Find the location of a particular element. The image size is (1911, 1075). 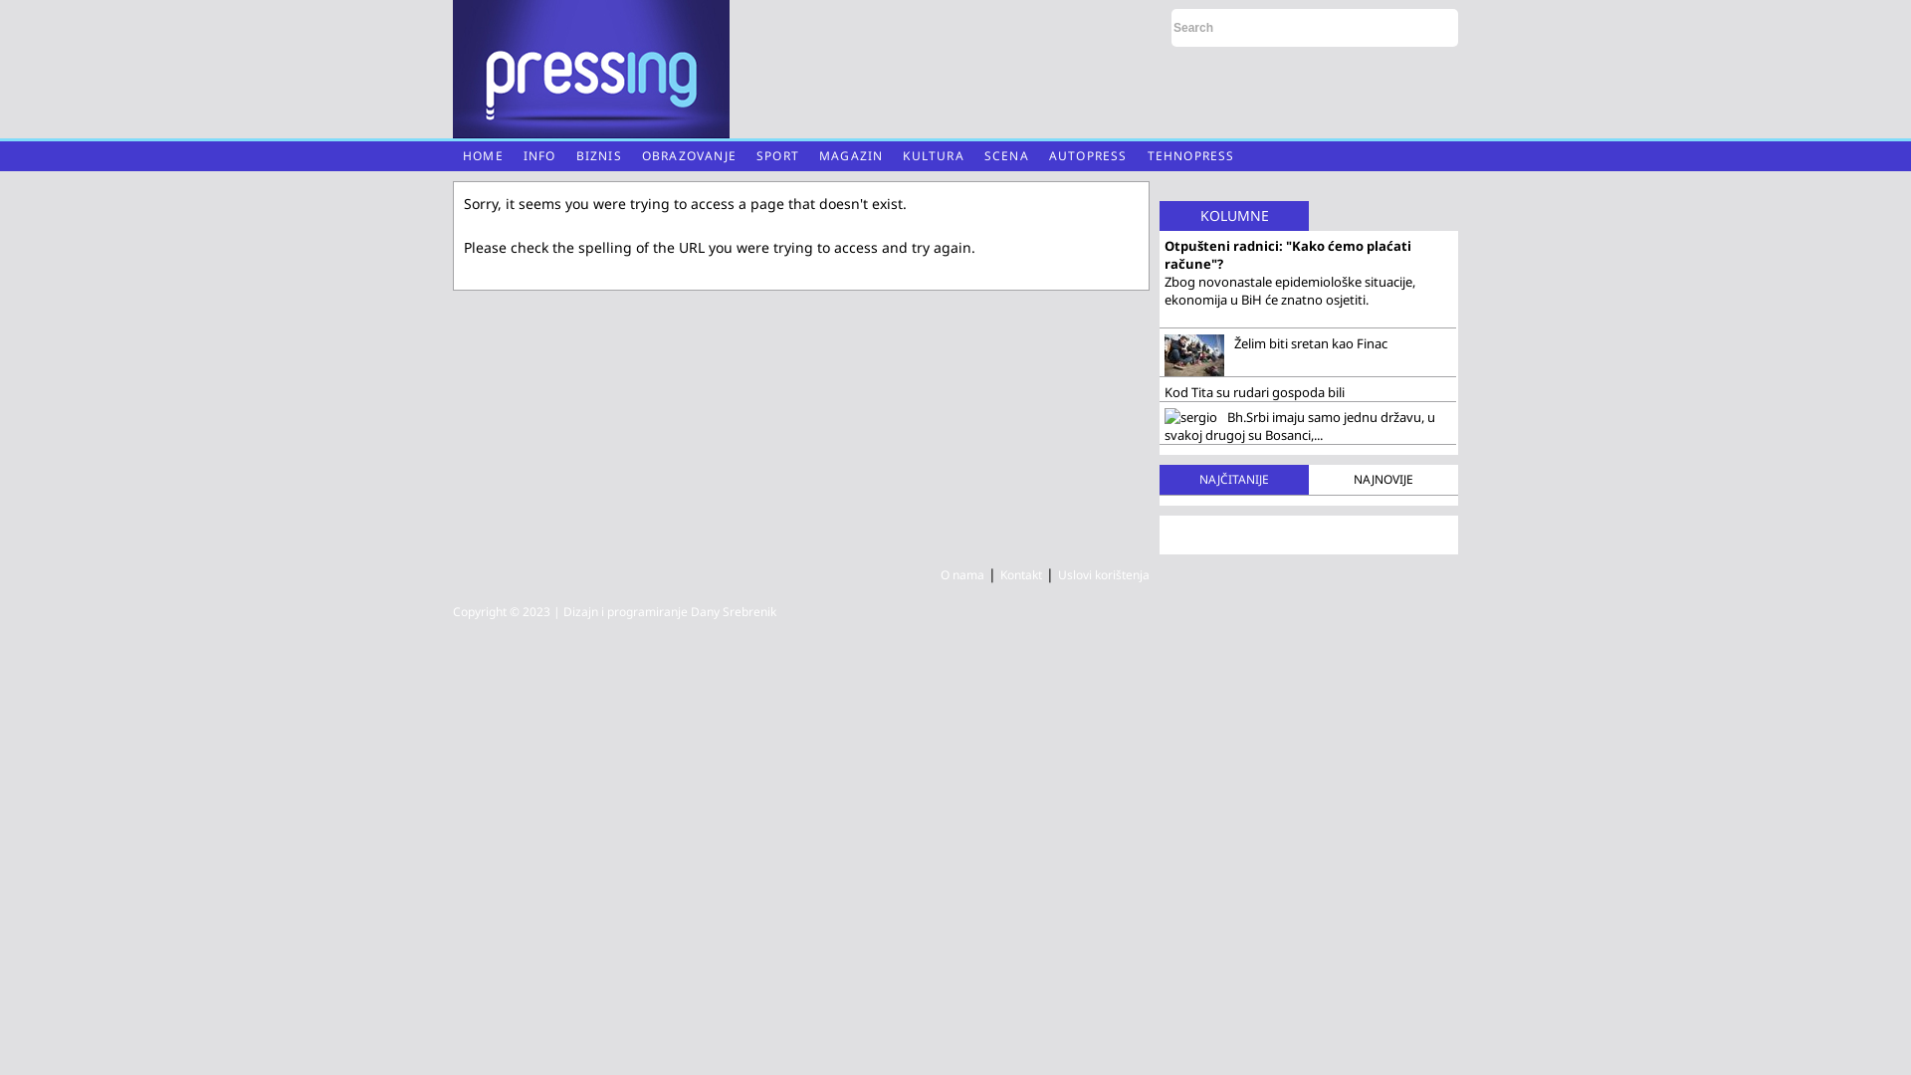

'SCENA' is located at coordinates (1006, 155).